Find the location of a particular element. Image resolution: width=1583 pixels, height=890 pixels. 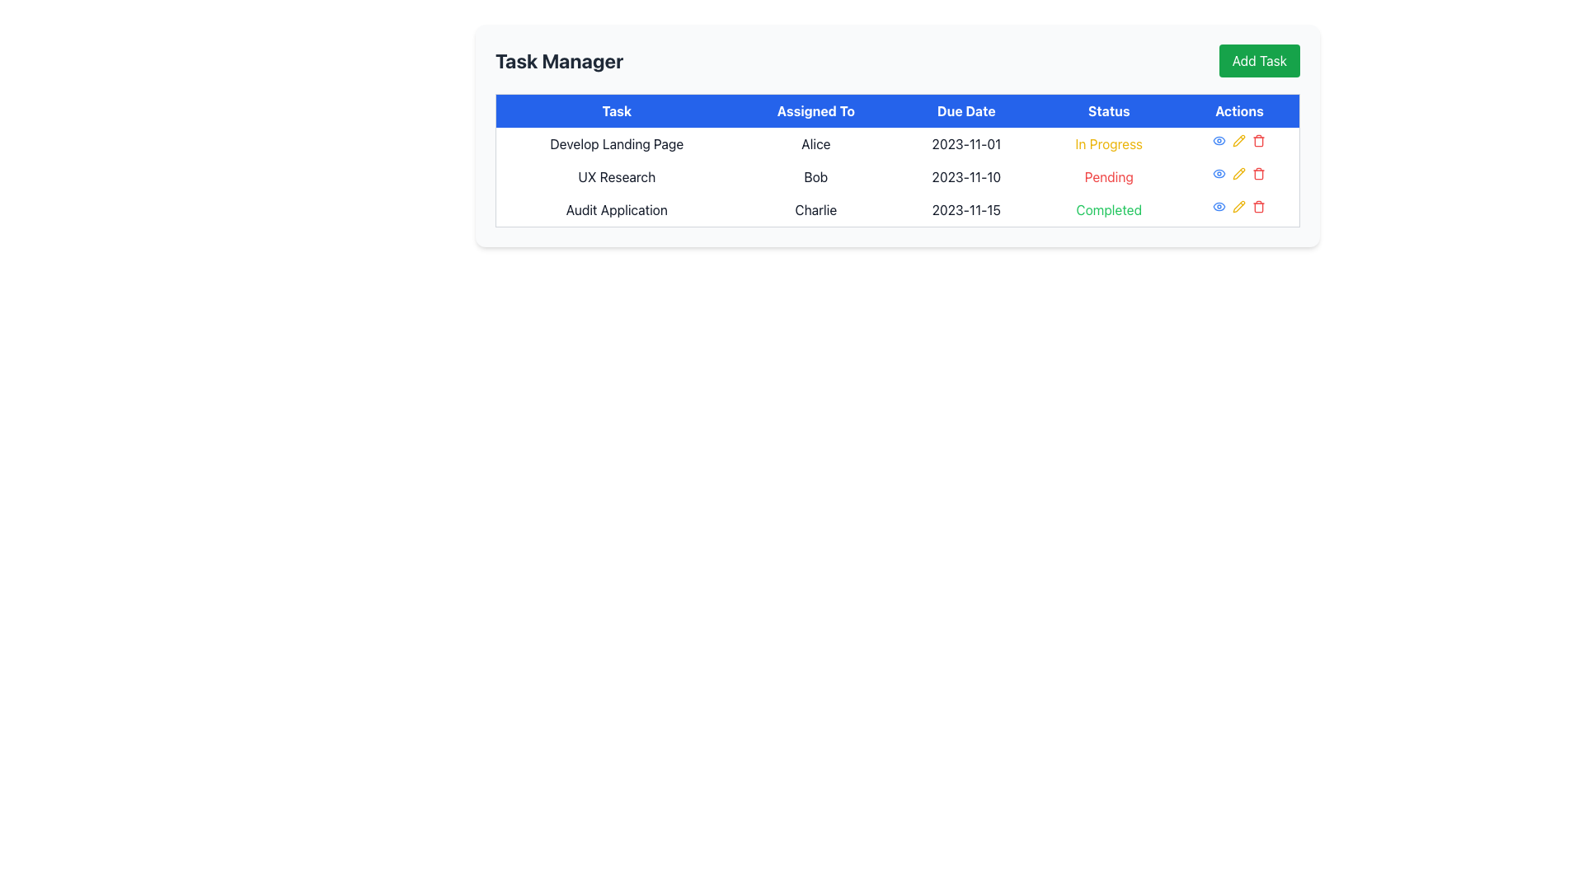

the interactive icon in the first row under the 'Actions' column of the task table is located at coordinates (1219, 139).